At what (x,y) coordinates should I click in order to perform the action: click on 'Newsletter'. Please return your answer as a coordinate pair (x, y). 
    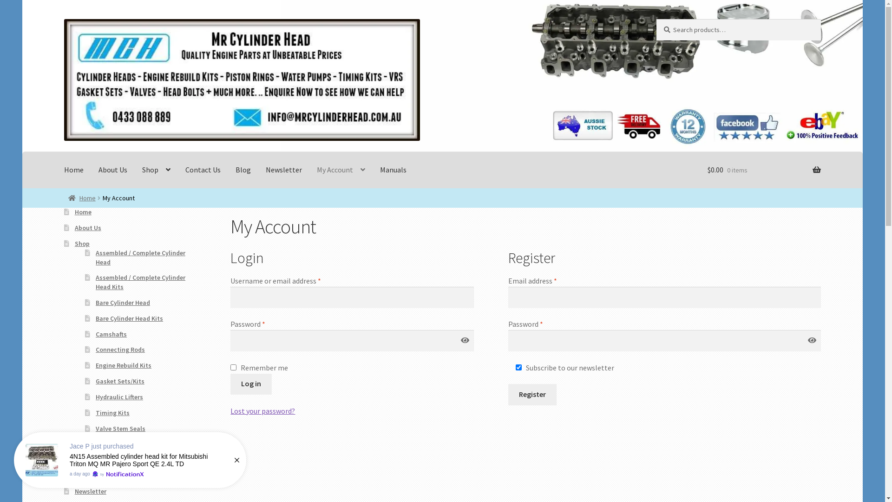
    Looking at the image, I should click on (283, 170).